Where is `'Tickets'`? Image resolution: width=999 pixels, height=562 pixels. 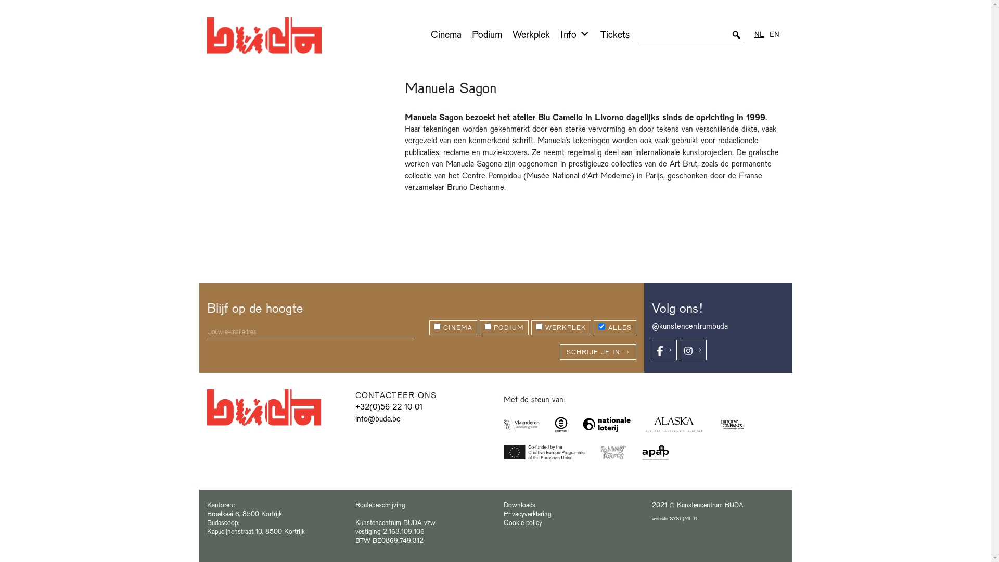 'Tickets' is located at coordinates (614, 33).